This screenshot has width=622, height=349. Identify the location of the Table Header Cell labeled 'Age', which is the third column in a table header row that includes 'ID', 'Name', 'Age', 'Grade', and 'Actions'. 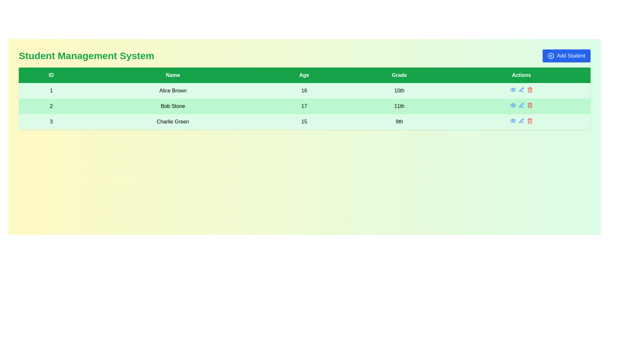
(304, 75).